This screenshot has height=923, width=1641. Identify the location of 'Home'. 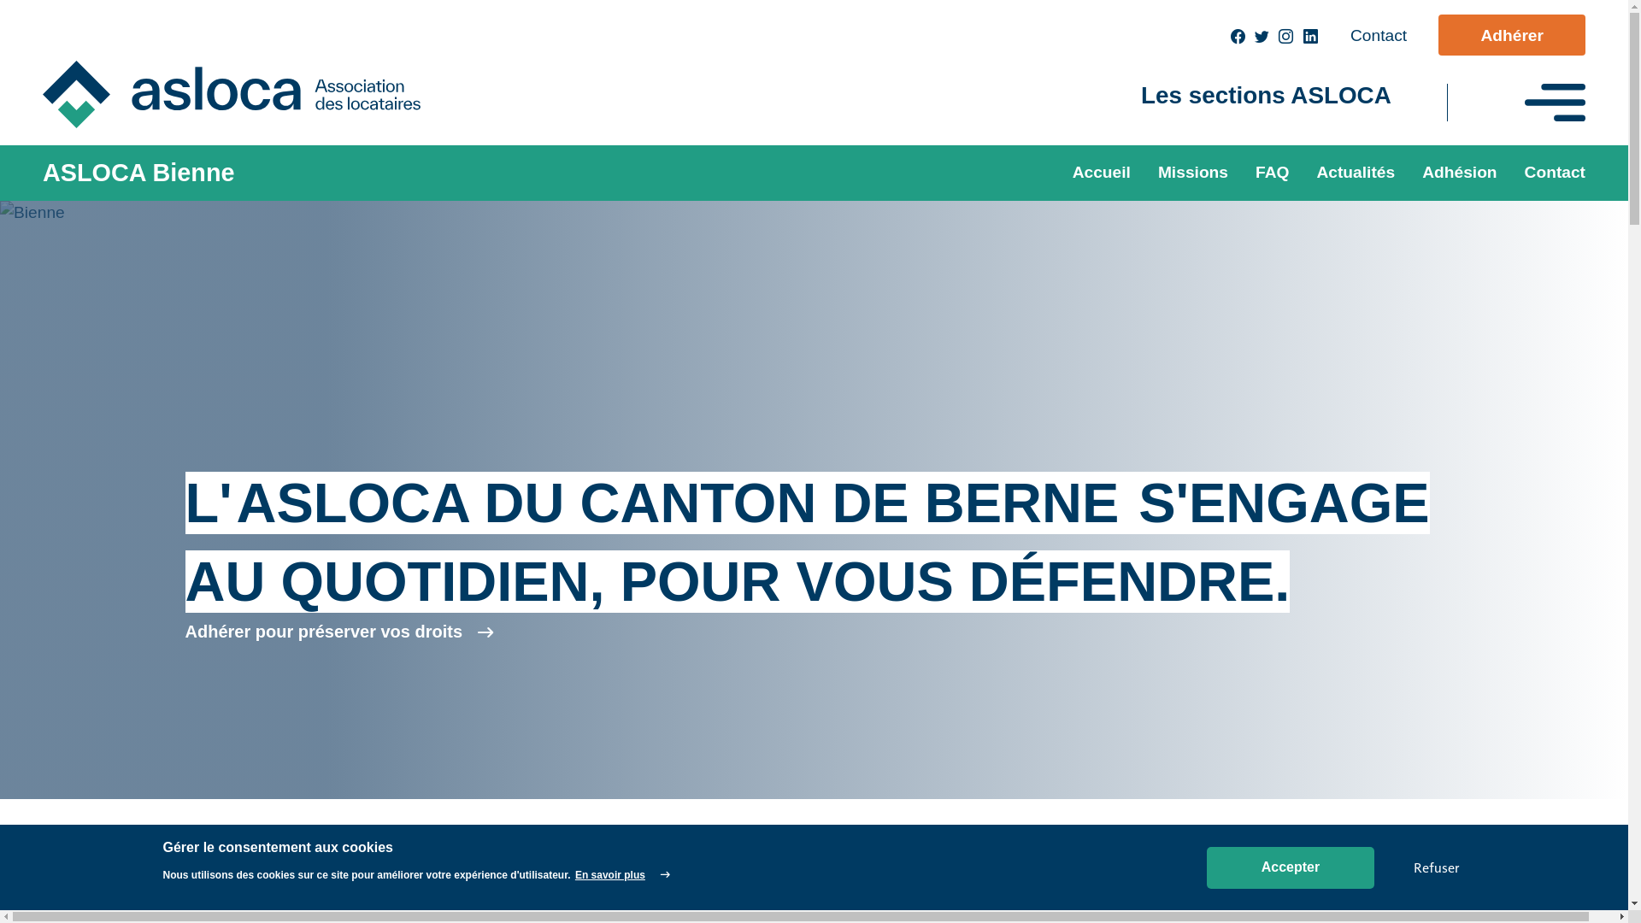
(244, 94).